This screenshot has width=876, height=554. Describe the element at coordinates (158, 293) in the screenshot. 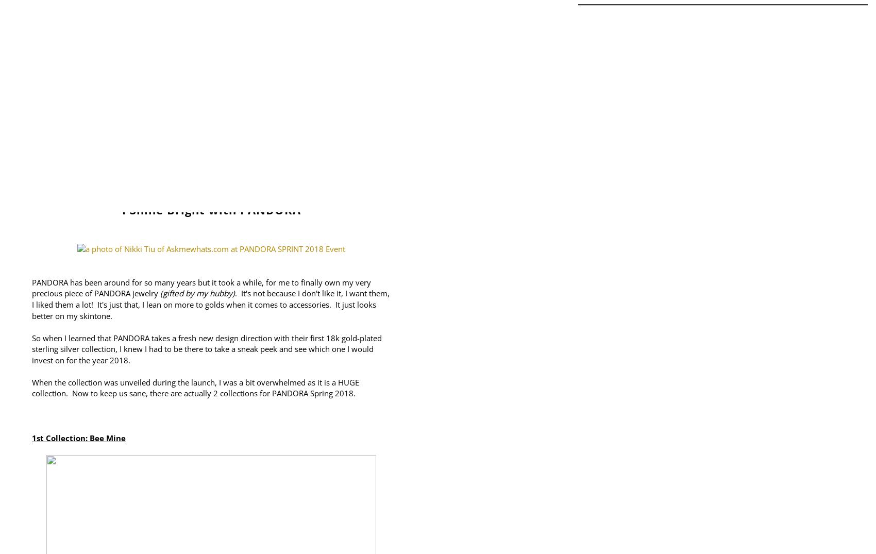

I see `'(gifted by my hubby)'` at that location.